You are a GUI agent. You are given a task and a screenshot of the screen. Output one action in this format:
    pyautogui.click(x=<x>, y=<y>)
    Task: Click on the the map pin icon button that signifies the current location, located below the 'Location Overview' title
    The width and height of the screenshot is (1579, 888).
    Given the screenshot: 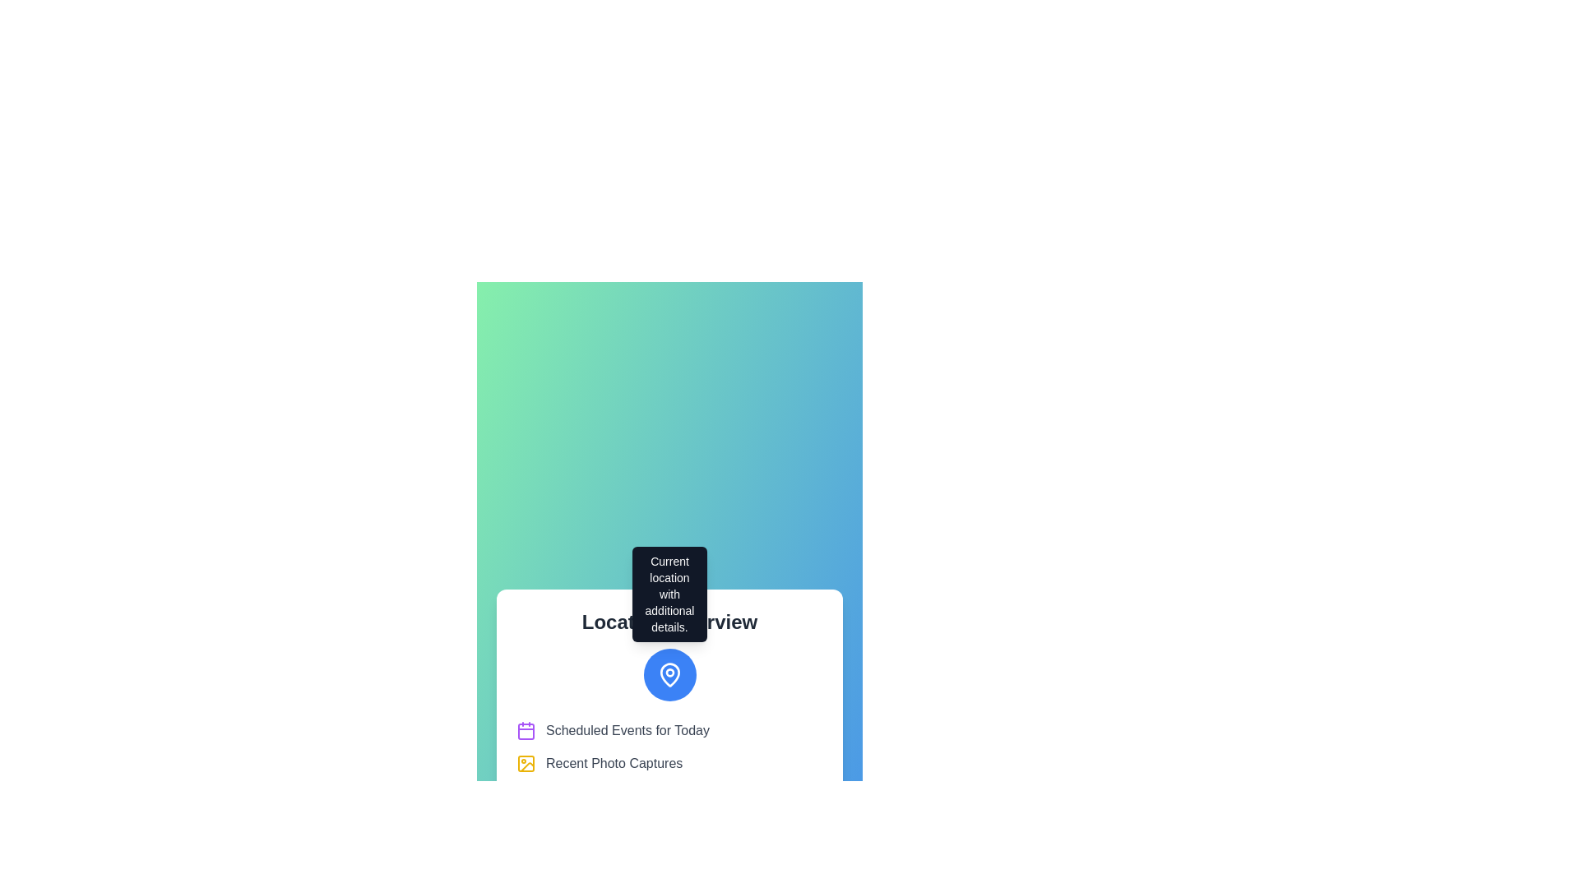 What is the action you would take?
    pyautogui.click(x=669, y=675)
    